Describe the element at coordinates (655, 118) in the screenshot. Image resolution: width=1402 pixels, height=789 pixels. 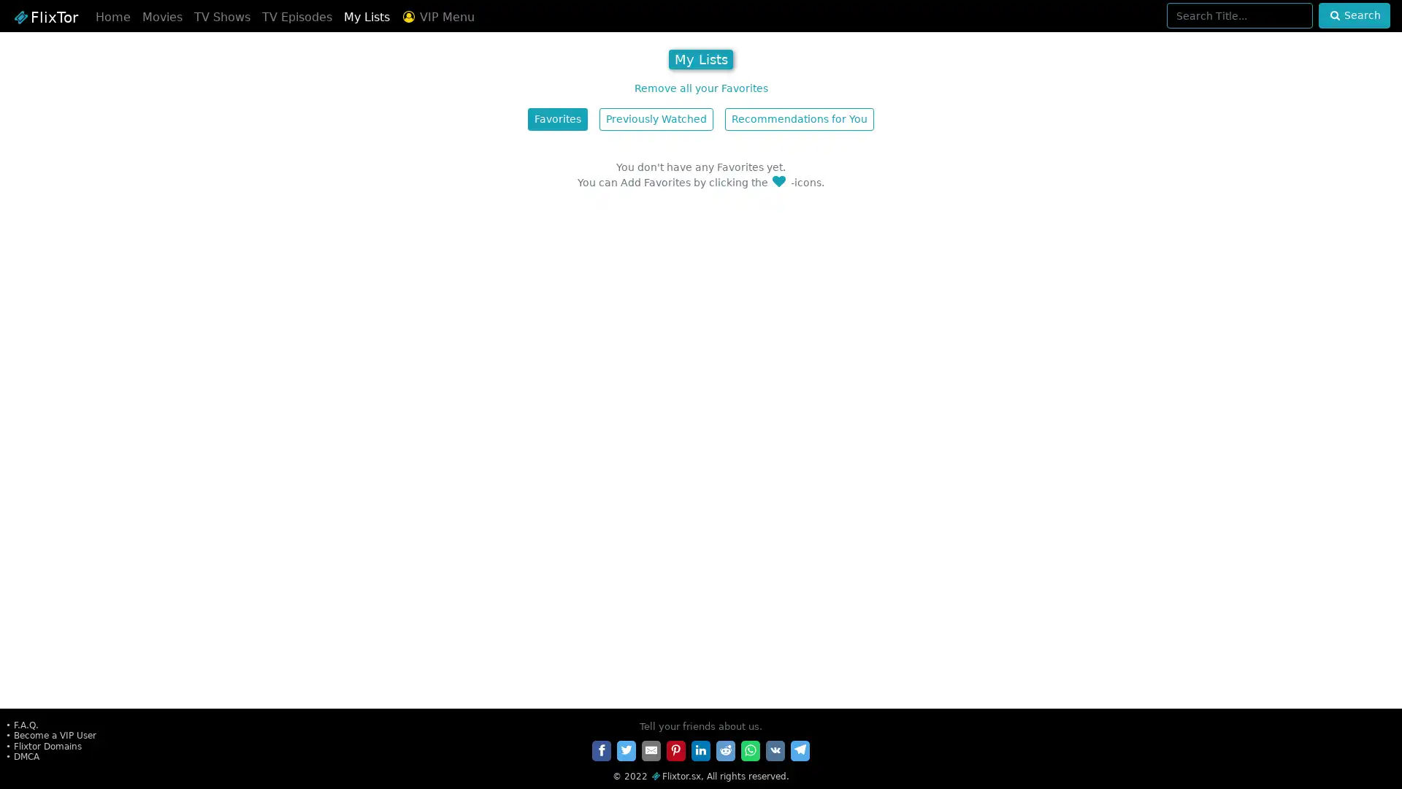
I see `Previously Watched` at that location.